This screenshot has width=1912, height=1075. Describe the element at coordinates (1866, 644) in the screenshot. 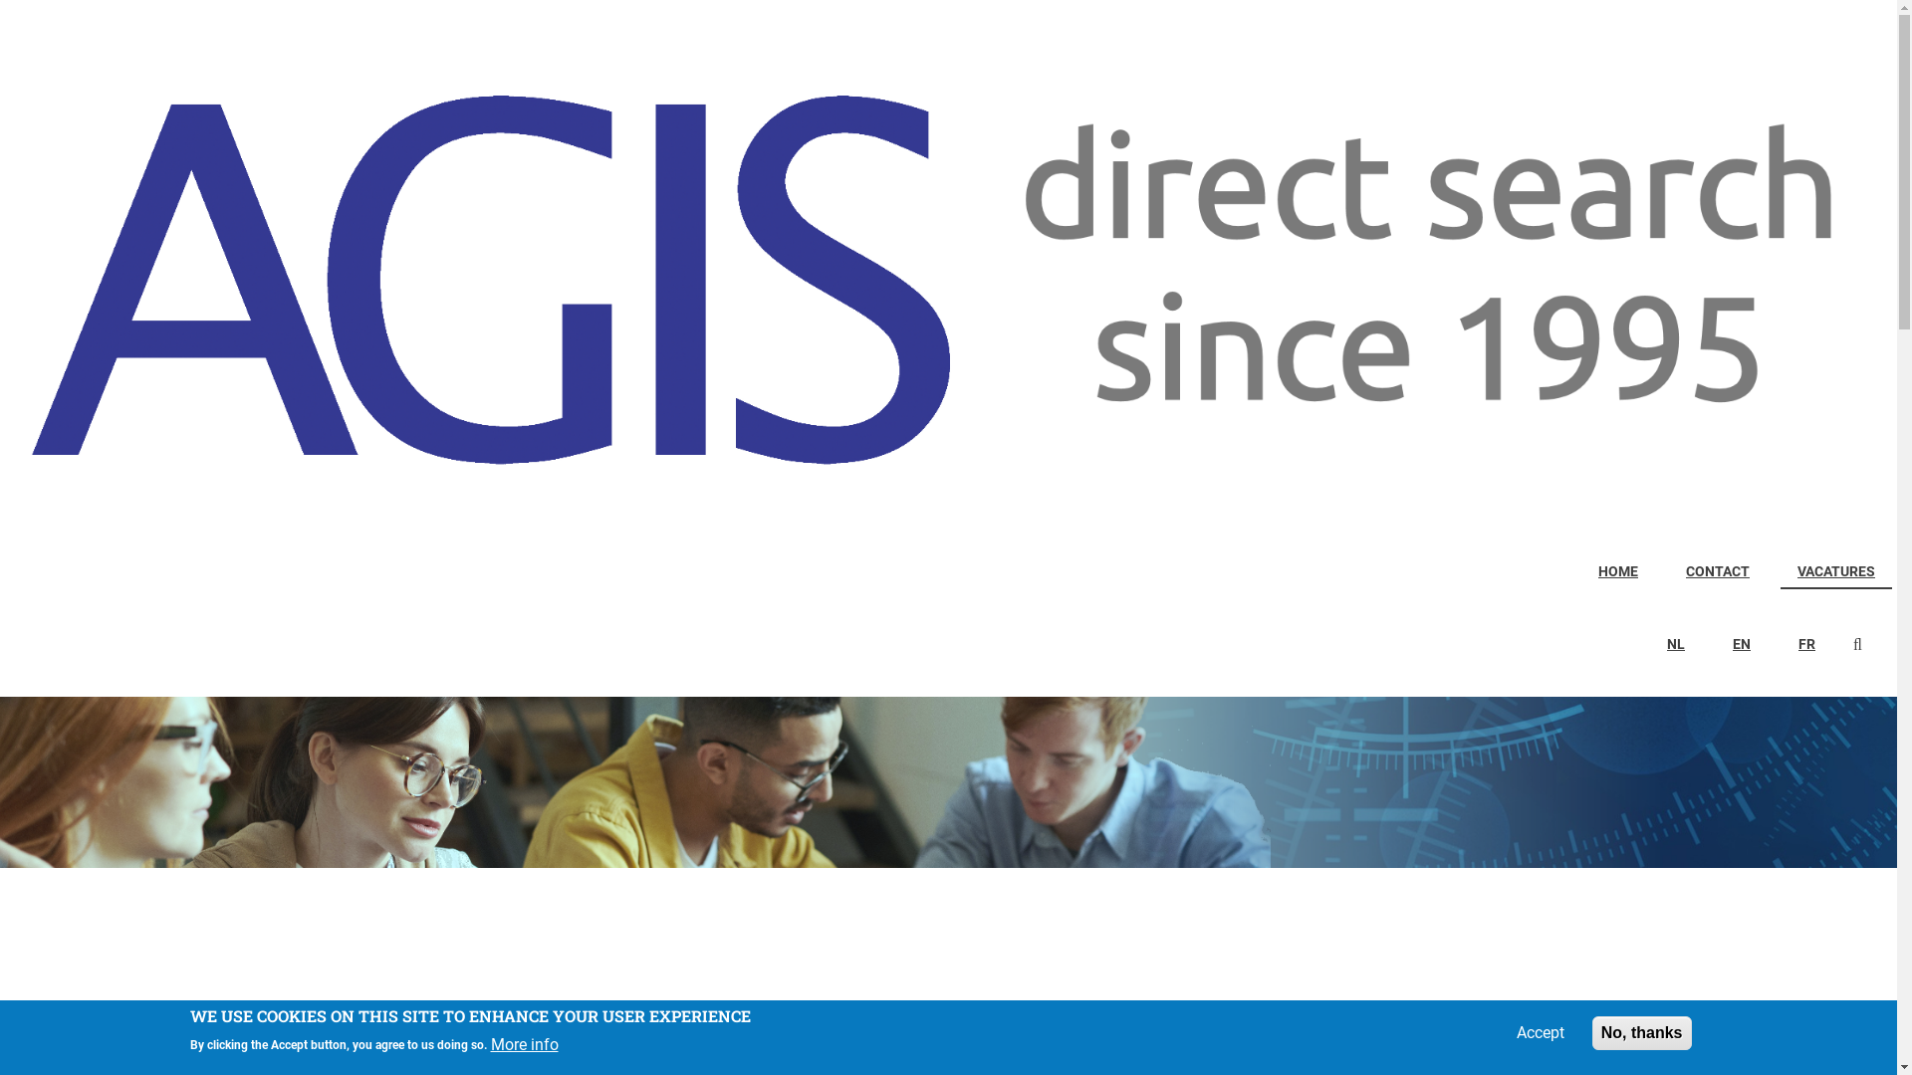

I see `'Enter the terms you wish to search for.'` at that location.